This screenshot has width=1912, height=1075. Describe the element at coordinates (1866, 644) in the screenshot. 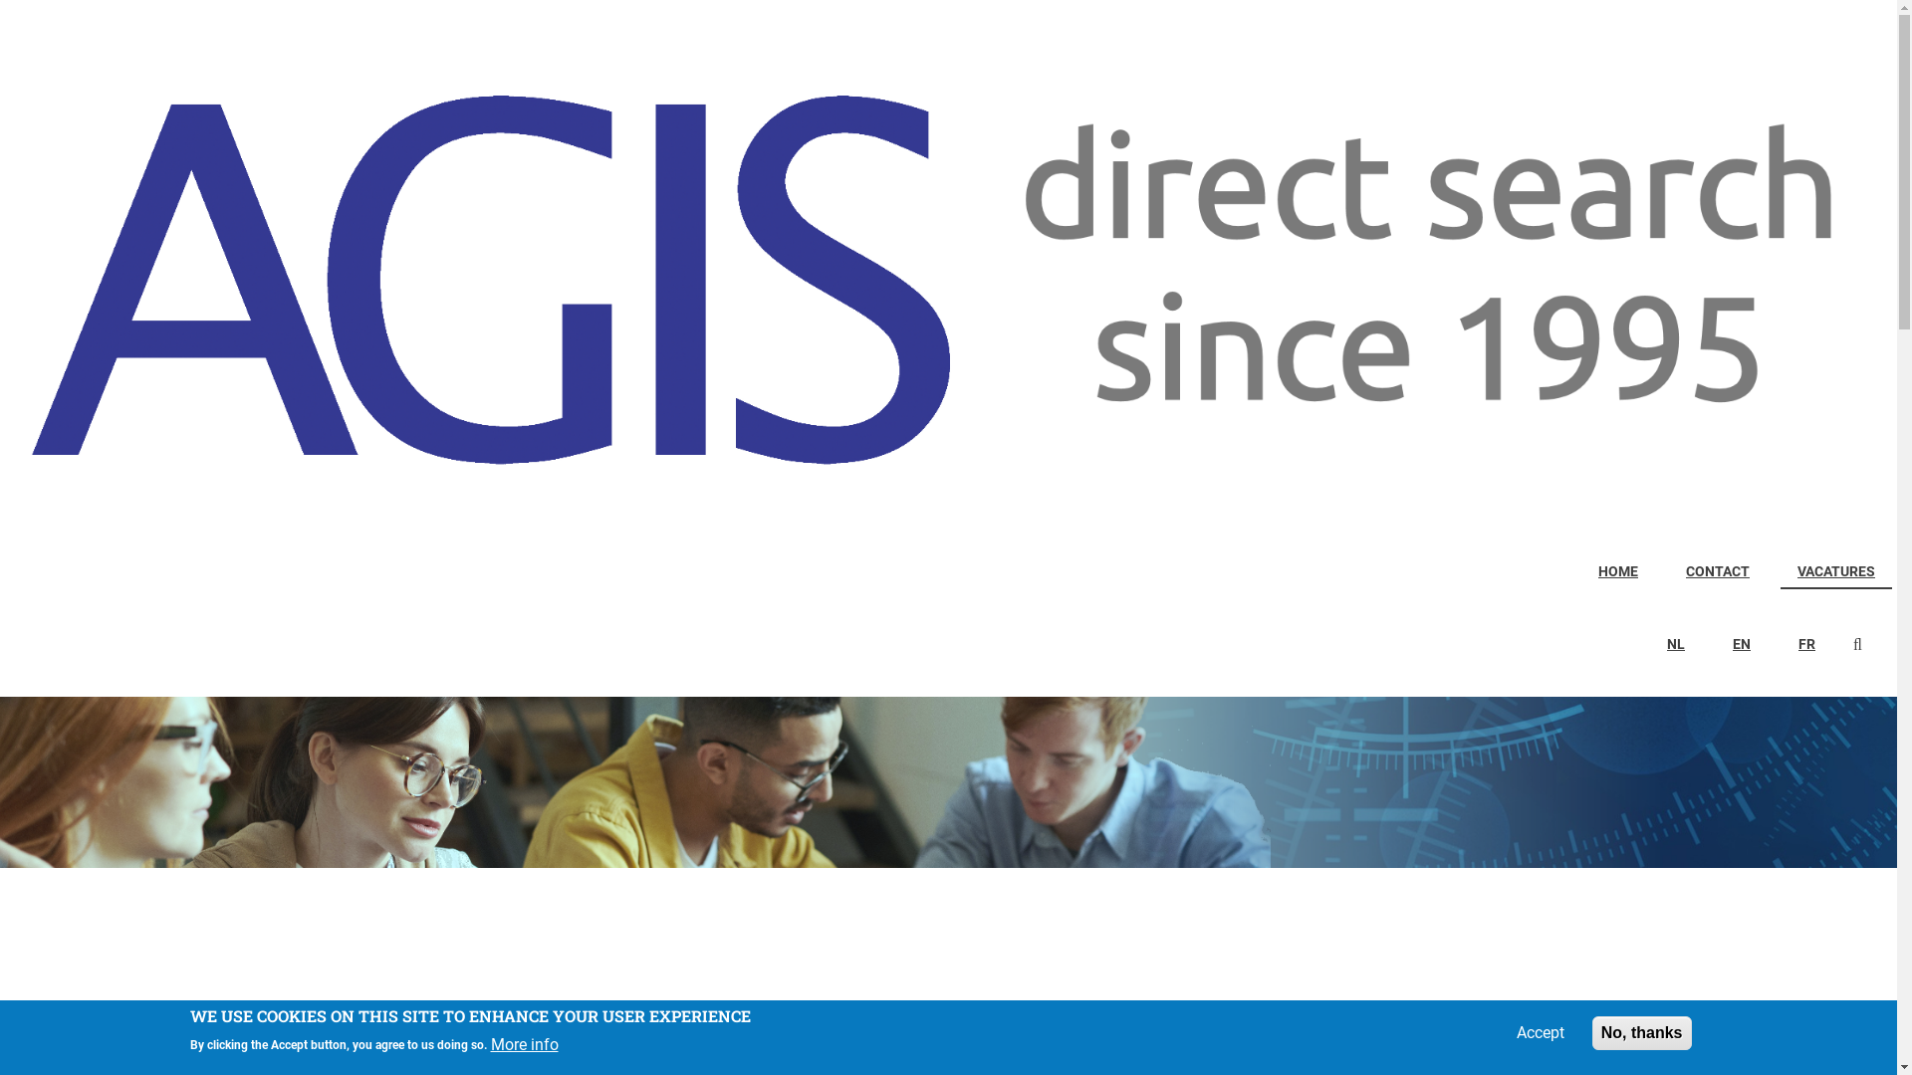

I see `'Enter the terms you wish to search for.'` at that location.